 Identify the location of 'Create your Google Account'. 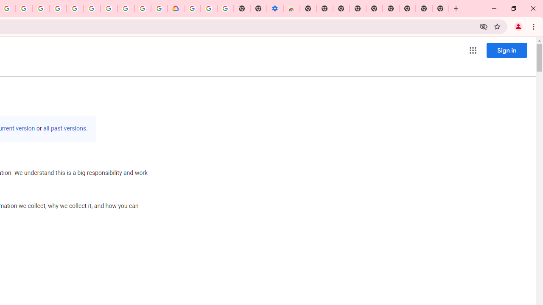
(24, 8).